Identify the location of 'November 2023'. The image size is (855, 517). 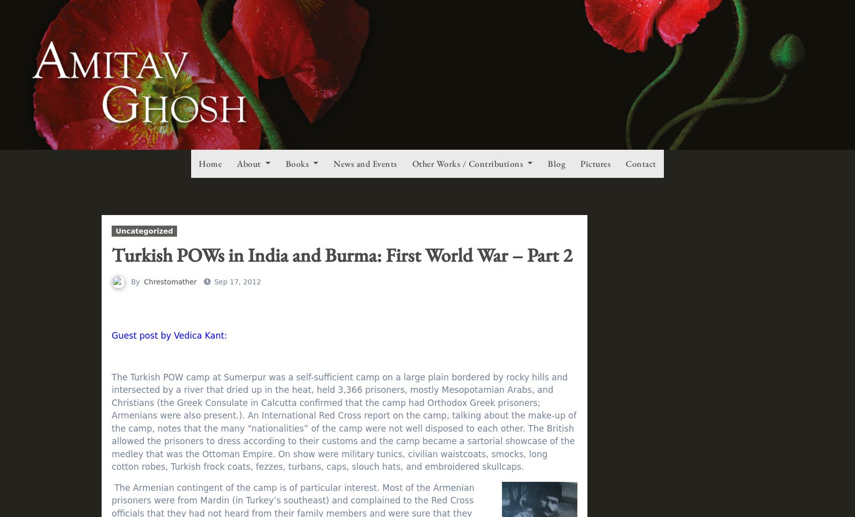
(649, 91).